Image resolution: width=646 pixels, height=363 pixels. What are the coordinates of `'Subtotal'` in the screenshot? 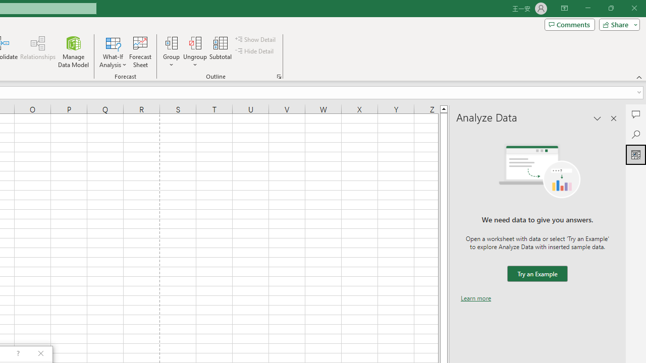 It's located at (220, 52).